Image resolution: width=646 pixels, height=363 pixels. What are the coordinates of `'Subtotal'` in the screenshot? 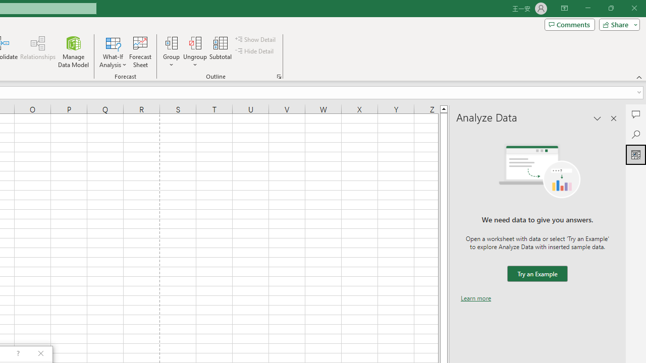 It's located at (220, 52).